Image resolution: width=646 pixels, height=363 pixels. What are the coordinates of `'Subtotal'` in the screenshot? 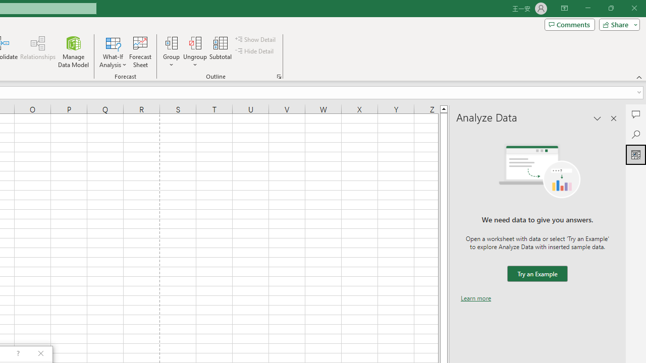 It's located at (220, 52).